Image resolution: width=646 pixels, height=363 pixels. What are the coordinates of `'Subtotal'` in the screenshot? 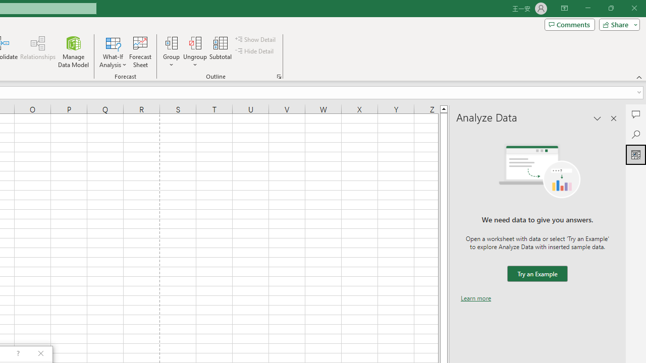 It's located at (220, 52).